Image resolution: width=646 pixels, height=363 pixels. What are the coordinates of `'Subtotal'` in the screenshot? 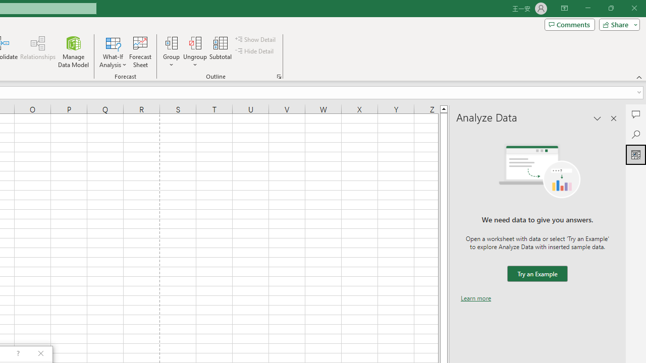 It's located at (220, 52).